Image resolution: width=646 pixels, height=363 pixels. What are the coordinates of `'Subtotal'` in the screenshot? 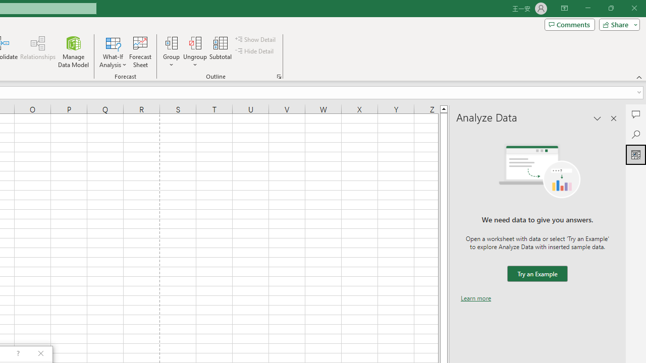 It's located at (220, 52).